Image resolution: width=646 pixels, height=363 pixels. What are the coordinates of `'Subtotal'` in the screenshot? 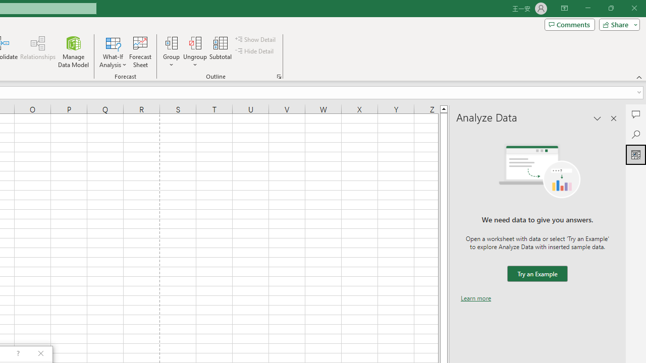 It's located at (220, 52).